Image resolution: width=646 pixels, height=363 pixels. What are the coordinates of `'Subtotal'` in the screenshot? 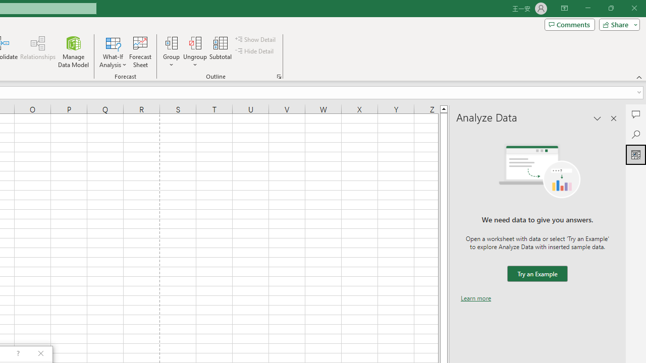 It's located at (220, 52).